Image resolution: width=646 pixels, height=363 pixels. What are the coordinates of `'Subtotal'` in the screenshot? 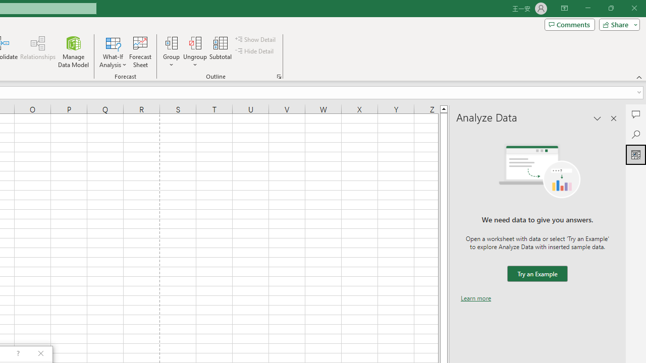 It's located at (220, 52).